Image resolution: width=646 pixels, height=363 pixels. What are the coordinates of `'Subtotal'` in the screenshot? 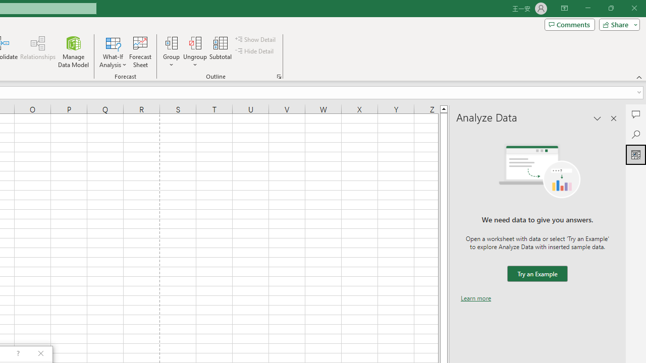 It's located at (220, 52).